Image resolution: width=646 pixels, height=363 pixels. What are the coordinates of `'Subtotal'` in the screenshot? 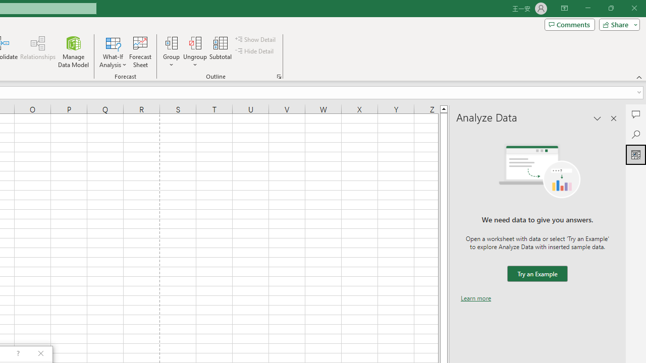 It's located at (220, 52).